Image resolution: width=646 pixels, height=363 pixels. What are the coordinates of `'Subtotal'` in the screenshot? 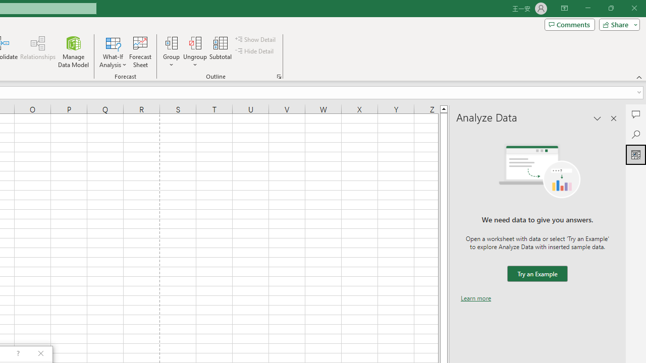 It's located at (220, 52).